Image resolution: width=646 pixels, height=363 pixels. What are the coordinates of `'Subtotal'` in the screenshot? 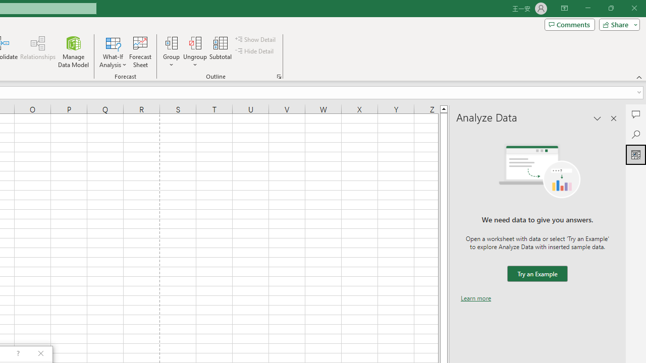 It's located at (220, 52).